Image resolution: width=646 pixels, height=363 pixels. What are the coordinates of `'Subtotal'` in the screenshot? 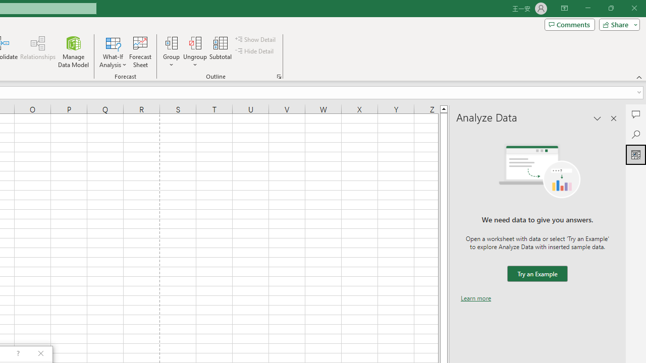 It's located at (220, 52).